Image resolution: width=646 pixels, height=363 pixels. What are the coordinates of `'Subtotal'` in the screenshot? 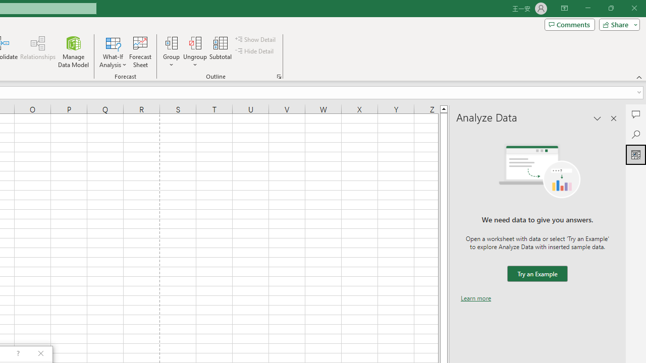 It's located at (220, 52).